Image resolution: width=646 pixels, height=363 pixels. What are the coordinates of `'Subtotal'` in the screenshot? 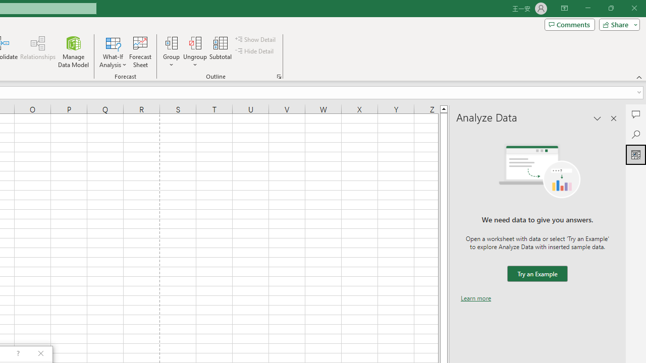 It's located at (220, 52).